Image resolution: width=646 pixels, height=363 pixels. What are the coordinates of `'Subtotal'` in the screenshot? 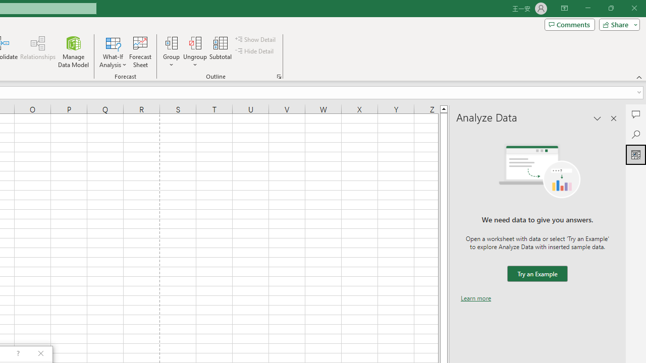 It's located at (220, 52).